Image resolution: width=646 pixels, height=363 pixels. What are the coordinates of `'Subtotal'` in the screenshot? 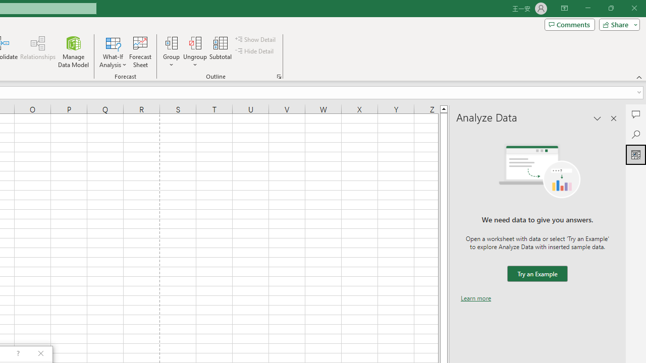 It's located at (220, 52).